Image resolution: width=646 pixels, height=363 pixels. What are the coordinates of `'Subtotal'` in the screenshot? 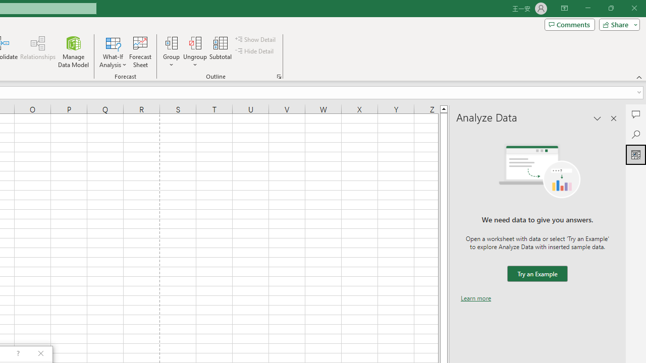 It's located at (220, 52).